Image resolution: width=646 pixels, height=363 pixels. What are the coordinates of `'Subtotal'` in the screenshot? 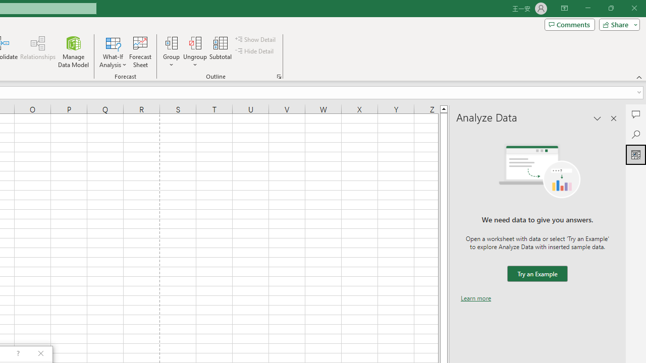 It's located at (220, 52).